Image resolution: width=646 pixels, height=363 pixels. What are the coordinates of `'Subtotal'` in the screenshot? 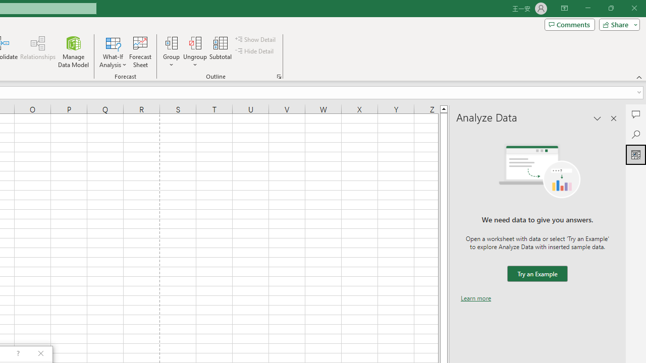 It's located at (220, 52).